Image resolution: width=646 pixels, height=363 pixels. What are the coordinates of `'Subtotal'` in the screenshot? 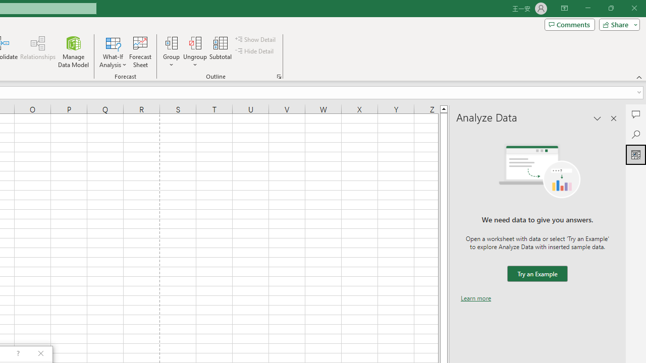 It's located at (220, 52).